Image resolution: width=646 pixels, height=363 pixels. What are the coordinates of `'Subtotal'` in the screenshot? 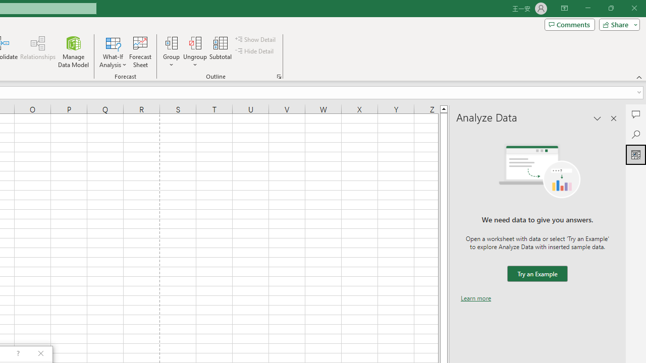 It's located at (220, 52).